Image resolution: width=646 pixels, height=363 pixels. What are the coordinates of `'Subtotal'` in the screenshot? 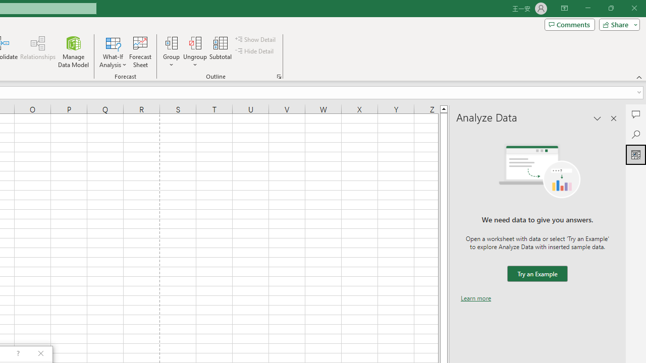 It's located at (220, 52).